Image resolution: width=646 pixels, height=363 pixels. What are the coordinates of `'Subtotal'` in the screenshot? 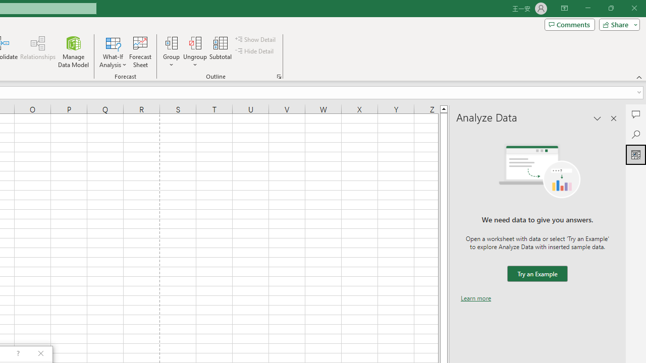 It's located at (220, 52).